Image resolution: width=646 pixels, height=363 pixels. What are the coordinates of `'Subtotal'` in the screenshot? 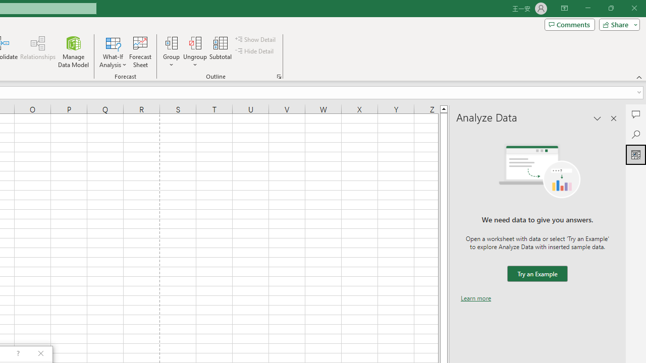 It's located at (220, 52).